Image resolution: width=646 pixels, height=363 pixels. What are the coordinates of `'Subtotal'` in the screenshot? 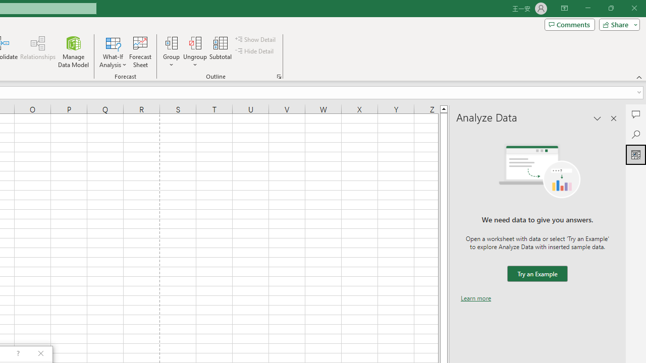 It's located at (220, 52).